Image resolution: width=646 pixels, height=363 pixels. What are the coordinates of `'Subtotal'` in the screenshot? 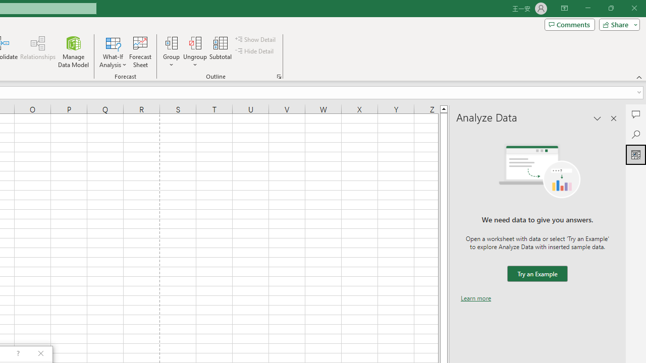 It's located at (220, 52).